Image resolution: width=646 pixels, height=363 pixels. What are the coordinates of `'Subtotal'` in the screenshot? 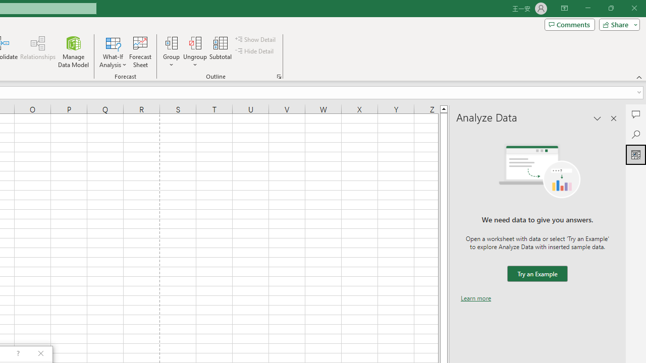 It's located at (220, 52).